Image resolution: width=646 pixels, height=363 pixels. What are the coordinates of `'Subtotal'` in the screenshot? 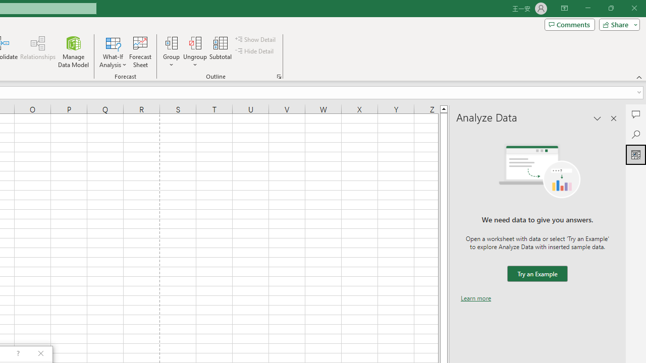 It's located at (220, 52).